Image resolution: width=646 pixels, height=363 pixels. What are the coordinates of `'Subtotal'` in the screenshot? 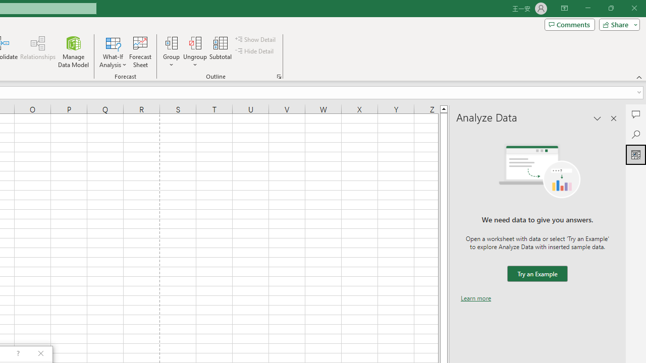 It's located at (220, 52).